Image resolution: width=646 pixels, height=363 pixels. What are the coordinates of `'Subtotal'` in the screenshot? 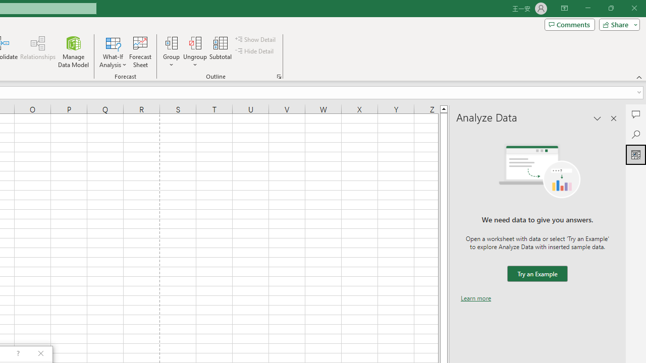 It's located at (220, 52).